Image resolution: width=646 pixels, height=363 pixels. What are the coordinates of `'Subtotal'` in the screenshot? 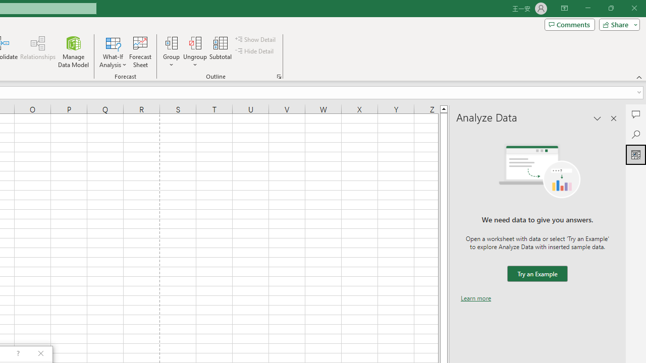 It's located at (220, 52).